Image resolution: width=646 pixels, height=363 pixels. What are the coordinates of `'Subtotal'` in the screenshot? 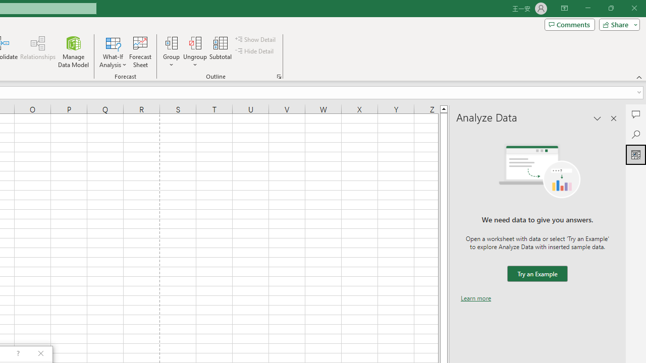 It's located at (220, 52).